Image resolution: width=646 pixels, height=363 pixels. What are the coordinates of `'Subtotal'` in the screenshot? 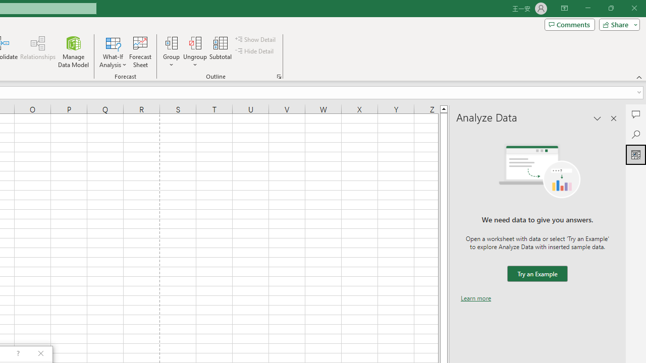 It's located at (220, 52).